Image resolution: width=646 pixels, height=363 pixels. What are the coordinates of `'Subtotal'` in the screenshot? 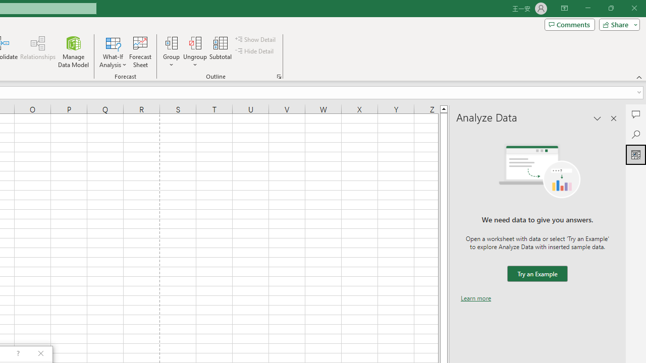 It's located at (220, 52).